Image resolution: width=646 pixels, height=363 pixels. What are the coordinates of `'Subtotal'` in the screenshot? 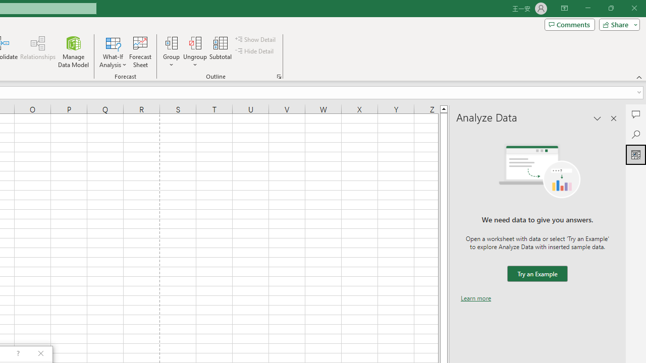 It's located at (220, 52).